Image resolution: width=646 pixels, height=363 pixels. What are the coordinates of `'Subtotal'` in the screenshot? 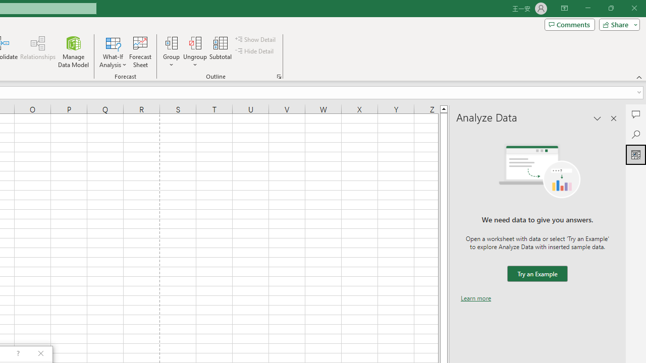 It's located at (220, 52).